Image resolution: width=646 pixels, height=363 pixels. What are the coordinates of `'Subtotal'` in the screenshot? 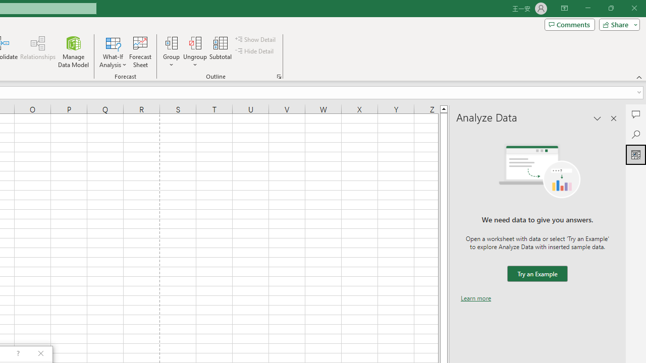 It's located at (220, 52).